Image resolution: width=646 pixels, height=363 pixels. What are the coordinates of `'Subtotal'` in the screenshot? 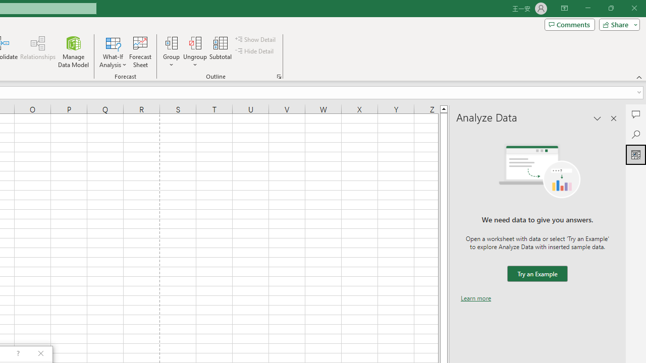 It's located at (220, 52).